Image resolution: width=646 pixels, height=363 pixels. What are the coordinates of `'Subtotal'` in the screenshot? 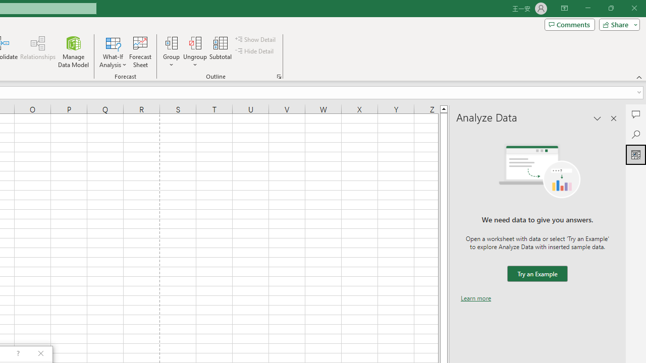 It's located at (220, 52).